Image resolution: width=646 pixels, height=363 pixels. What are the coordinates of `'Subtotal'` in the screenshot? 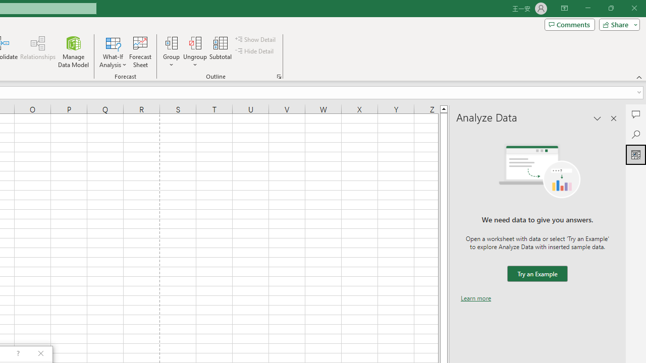 It's located at (220, 52).